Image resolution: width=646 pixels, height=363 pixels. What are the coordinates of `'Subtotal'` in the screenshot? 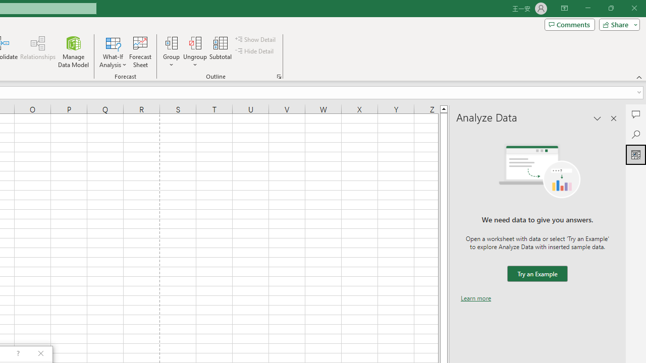 It's located at (220, 52).